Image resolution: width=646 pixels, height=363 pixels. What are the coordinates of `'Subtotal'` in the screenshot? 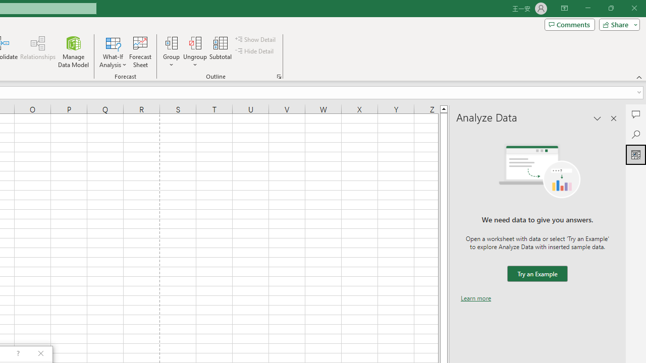 It's located at (220, 52).